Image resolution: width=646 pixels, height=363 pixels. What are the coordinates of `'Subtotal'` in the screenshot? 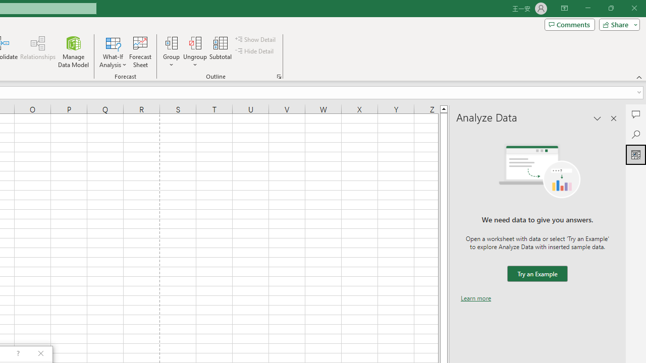 It's located at (220, 52).